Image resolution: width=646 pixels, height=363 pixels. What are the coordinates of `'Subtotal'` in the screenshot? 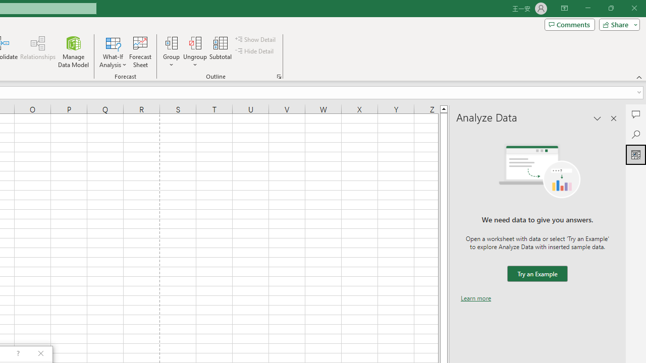 It's located at (220, 52).